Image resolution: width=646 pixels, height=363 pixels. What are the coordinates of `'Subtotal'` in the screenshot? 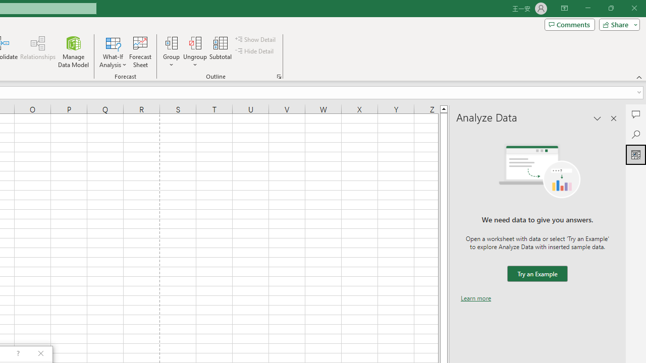 It's located at (220, 52).